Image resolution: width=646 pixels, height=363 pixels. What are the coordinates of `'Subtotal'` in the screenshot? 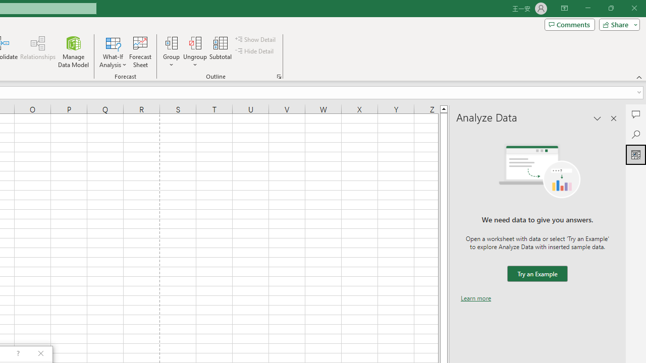 It's located at (220, 52).